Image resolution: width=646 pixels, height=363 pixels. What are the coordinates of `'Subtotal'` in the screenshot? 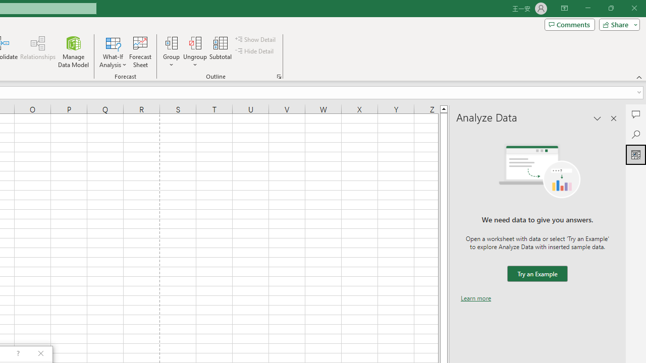 It's located at (220, 52).